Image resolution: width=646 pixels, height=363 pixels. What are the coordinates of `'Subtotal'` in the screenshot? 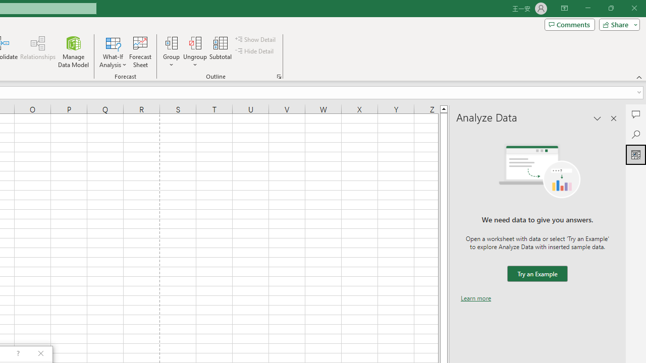 It's located at (220, 52).